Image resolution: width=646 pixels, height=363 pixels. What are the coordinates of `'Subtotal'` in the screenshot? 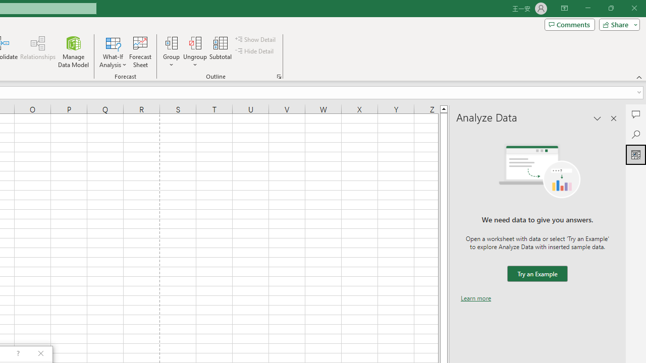 It's located at (220, 52).